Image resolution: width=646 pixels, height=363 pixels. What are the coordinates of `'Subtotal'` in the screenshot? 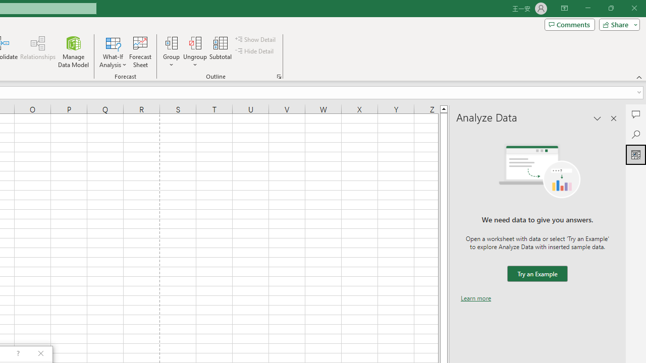 It's located at (220, 52).